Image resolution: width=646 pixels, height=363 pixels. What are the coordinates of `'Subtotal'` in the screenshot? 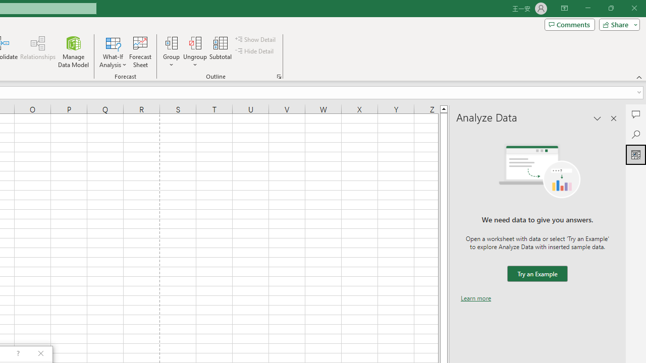 It's located at (220, 52).